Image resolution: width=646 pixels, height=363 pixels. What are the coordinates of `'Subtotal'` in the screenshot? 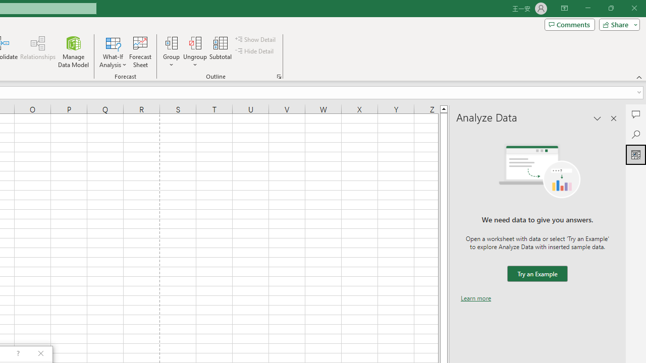 It's located at (220, 52).